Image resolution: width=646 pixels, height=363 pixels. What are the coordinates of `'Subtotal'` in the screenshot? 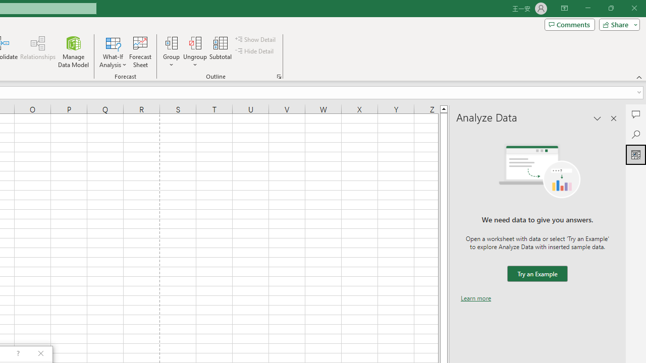 It's located at (220, 52).